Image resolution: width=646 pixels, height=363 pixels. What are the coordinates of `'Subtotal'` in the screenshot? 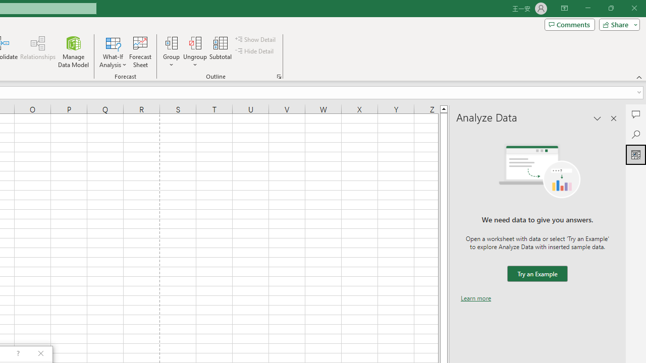 It's located at (220, 52).